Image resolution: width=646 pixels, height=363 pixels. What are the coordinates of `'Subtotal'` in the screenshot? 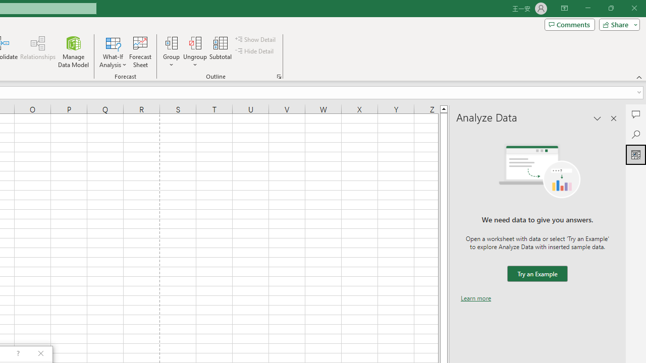 It's located at (220, 52).